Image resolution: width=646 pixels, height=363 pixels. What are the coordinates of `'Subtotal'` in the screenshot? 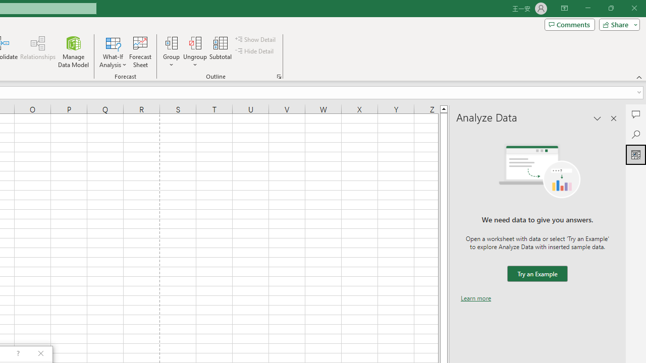 It's located at (220, 52).